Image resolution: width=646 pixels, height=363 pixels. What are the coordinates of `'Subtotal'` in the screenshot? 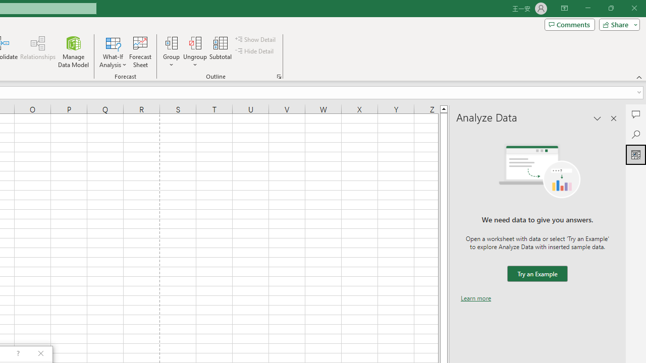 It's located at (220, 52).